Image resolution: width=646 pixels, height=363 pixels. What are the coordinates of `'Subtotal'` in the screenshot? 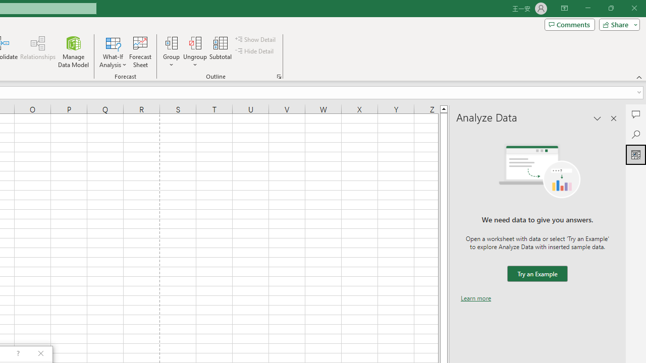 It's located at (220, 52).